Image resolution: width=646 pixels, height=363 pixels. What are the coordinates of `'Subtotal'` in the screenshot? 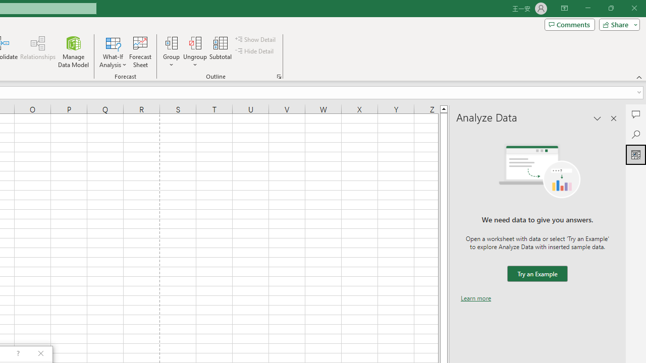 It's located at (220, 52).